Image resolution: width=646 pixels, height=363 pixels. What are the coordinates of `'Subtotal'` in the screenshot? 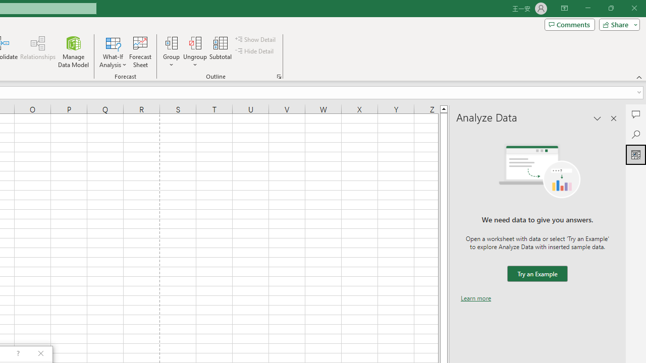 It's located at (220, 52).